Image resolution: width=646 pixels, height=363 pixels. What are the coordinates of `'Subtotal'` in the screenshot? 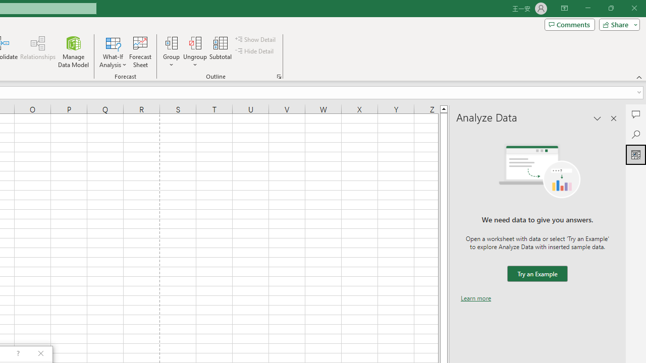 It's located at (220, 52).